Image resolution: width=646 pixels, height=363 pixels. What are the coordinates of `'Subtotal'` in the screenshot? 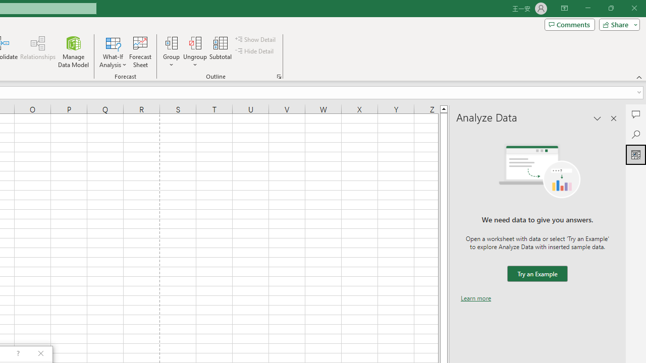 It's located at (220, 52).